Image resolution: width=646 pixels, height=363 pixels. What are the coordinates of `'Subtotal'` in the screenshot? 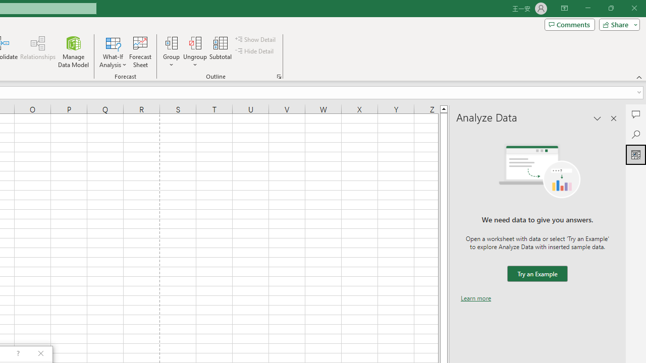 It's located at (220, 52).